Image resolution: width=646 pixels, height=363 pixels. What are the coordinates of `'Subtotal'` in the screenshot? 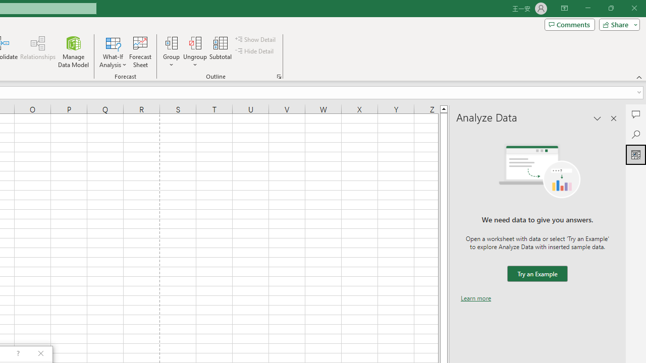 It's located at (220, 52).